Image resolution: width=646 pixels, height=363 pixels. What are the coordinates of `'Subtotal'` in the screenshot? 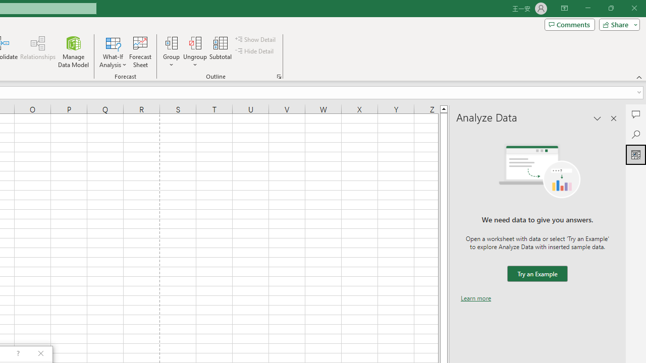 It's located at (220, 52).